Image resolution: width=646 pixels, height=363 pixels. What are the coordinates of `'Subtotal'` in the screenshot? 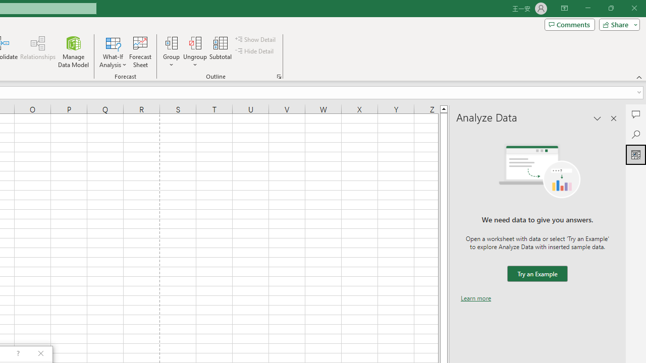 It's located at (220, 52).